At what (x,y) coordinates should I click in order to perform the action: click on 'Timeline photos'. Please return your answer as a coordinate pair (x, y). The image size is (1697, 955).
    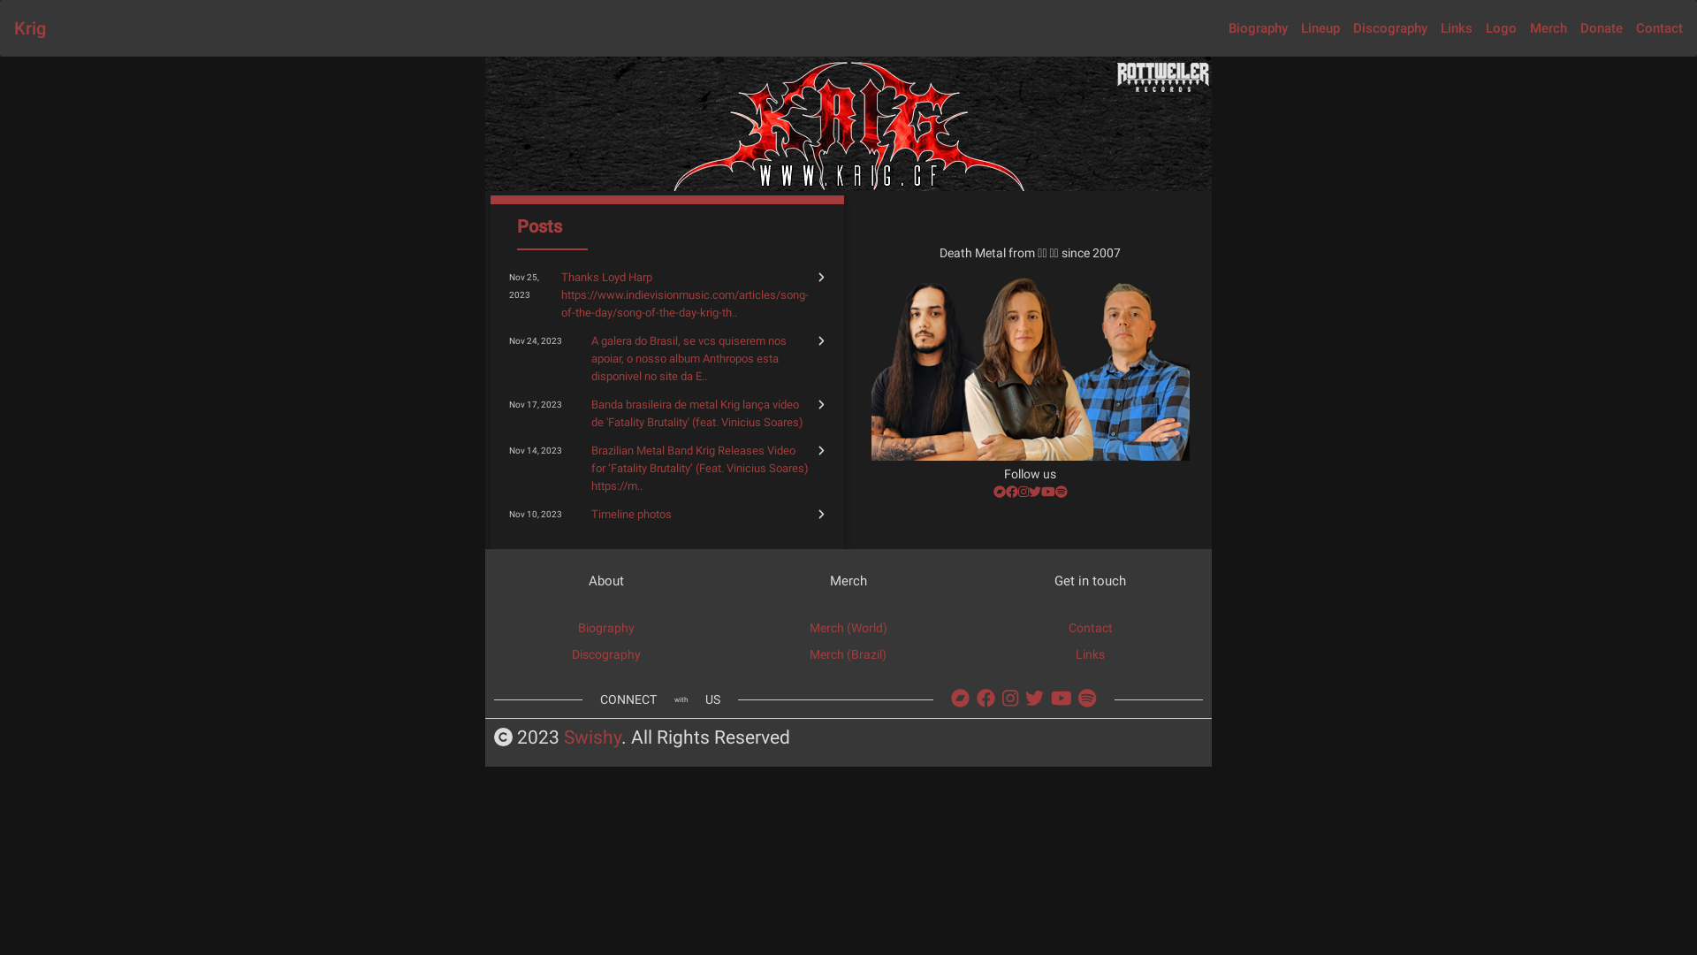
    Looking at the image, I should click on (590, 514).